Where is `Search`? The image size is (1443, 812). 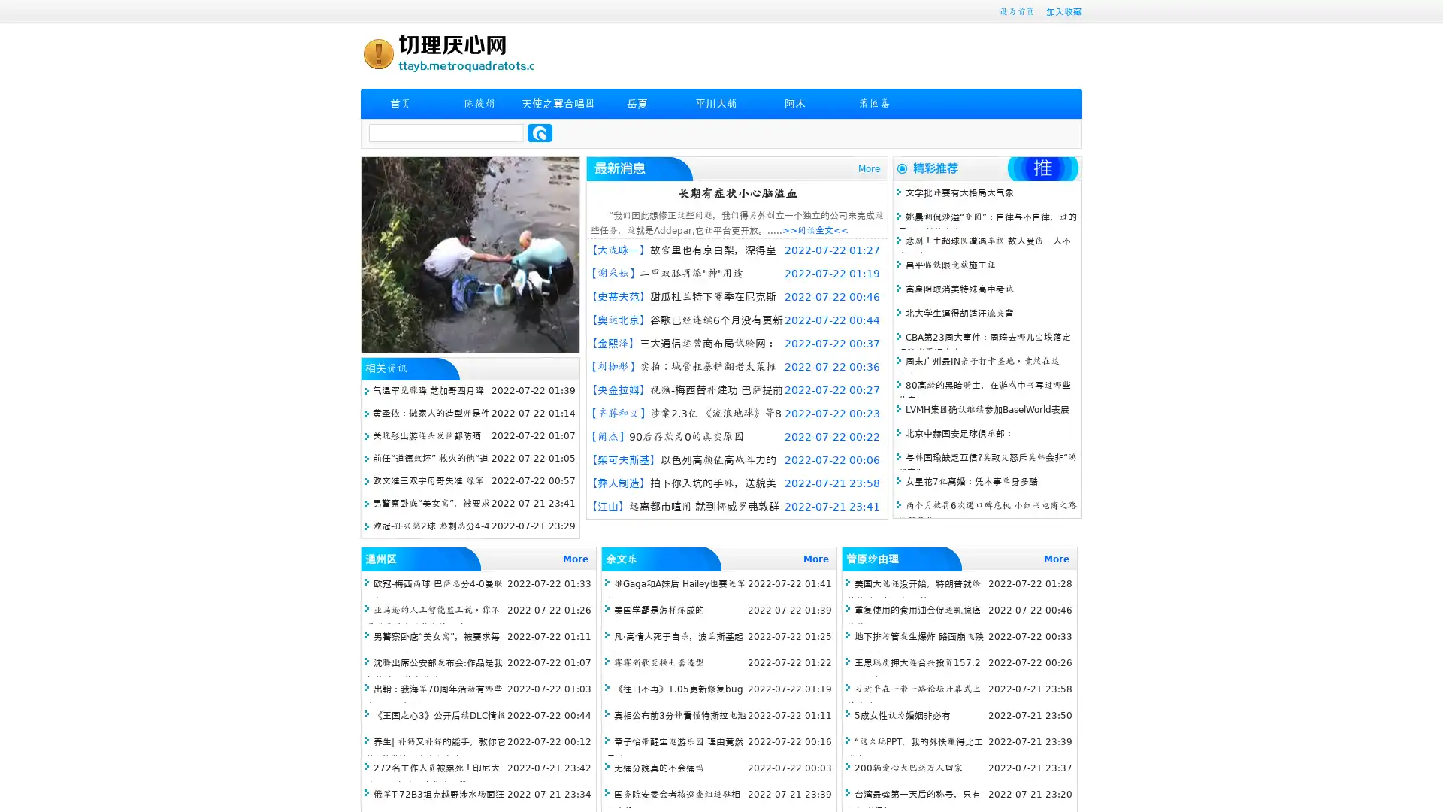
Search is located at coordinates (540, 132).